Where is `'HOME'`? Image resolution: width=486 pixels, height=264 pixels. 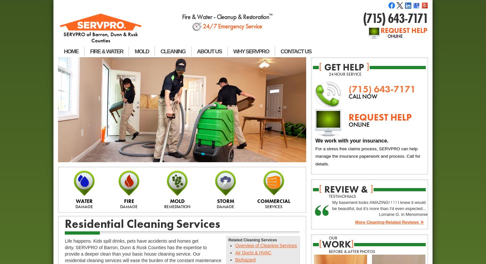 'HOME' is located at coordinates (71, 51).